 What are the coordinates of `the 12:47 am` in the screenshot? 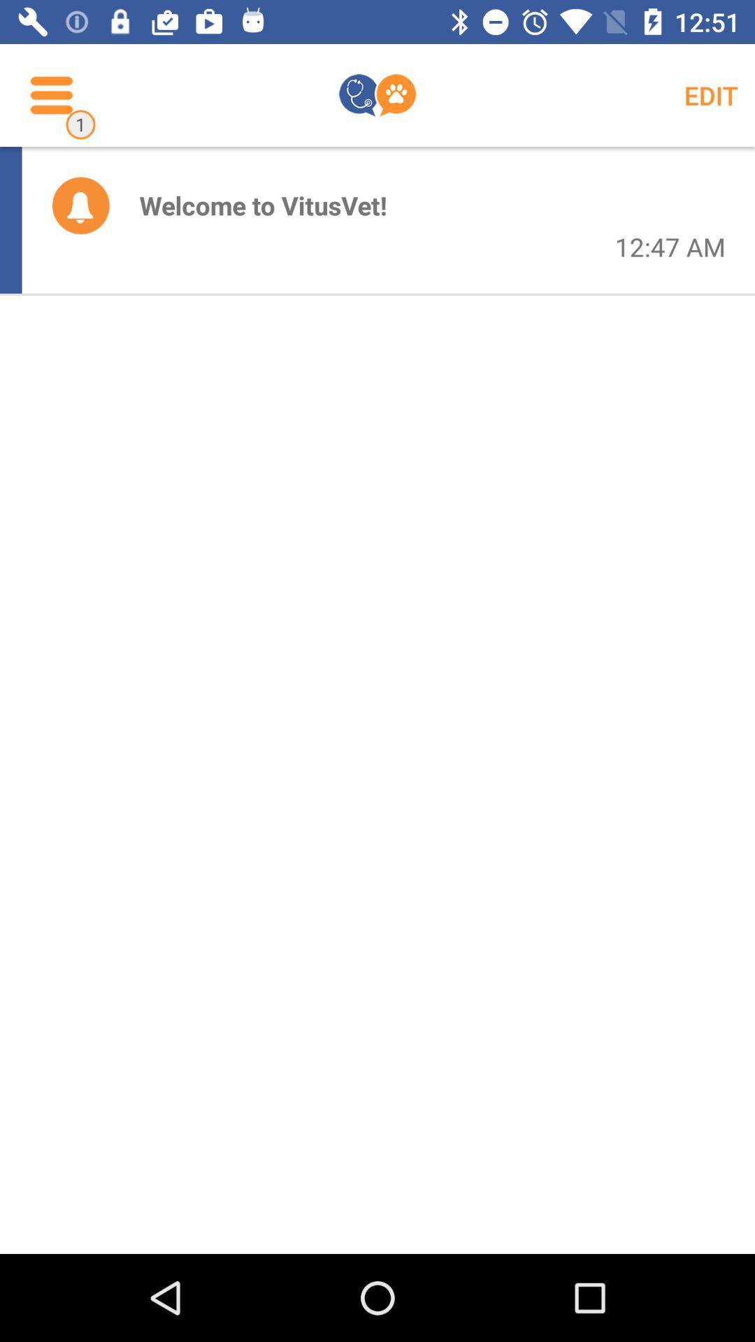 It's located at (669, 247).